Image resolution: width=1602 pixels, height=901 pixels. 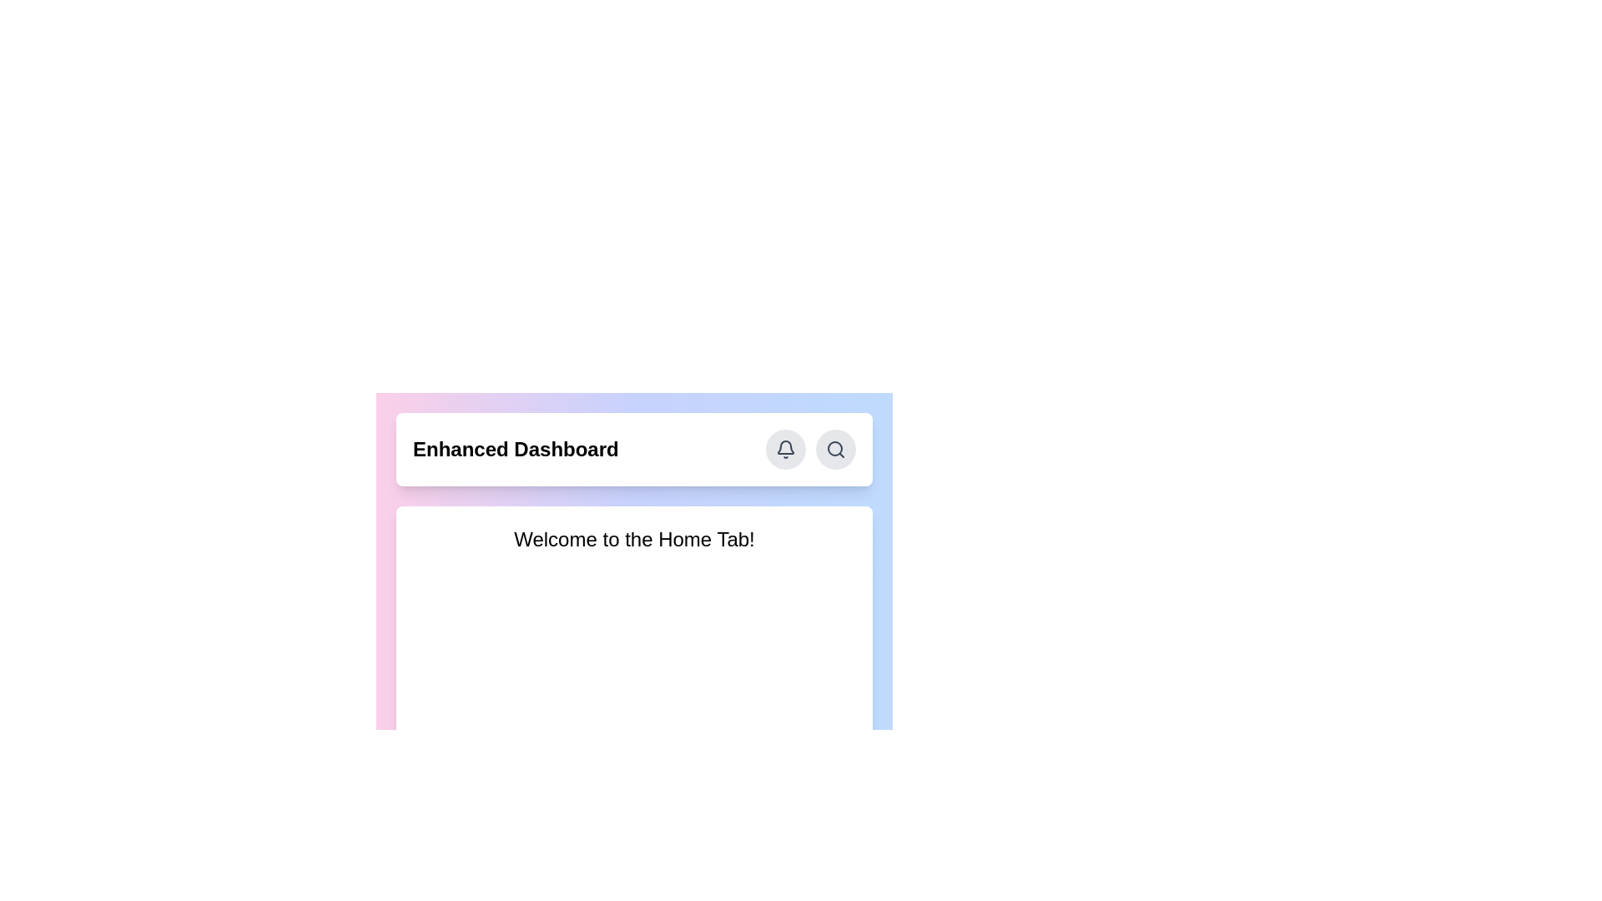 What do you see at coordinates (835, 447) in the screenshot?
I see `the graphic circle component of the magnifying glass in the search icon, which visually represents search functionality` at bounding box center [835, 447].